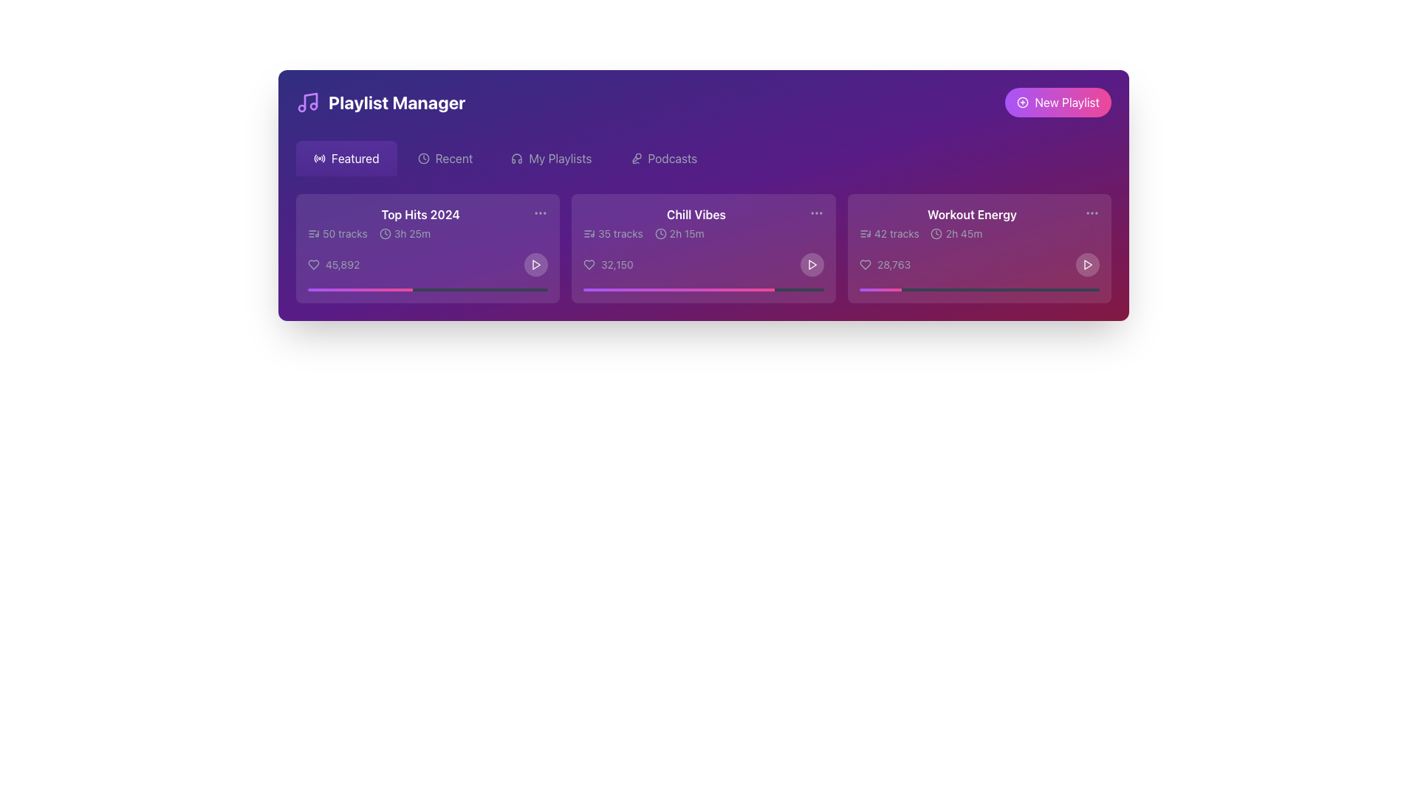 This screenshot has height=797, width=1418. I want to click on the favorite icon located at the bottom left of the 'Top Hits 2024' playlist card to mark the item as favorite, so click(313, 263).